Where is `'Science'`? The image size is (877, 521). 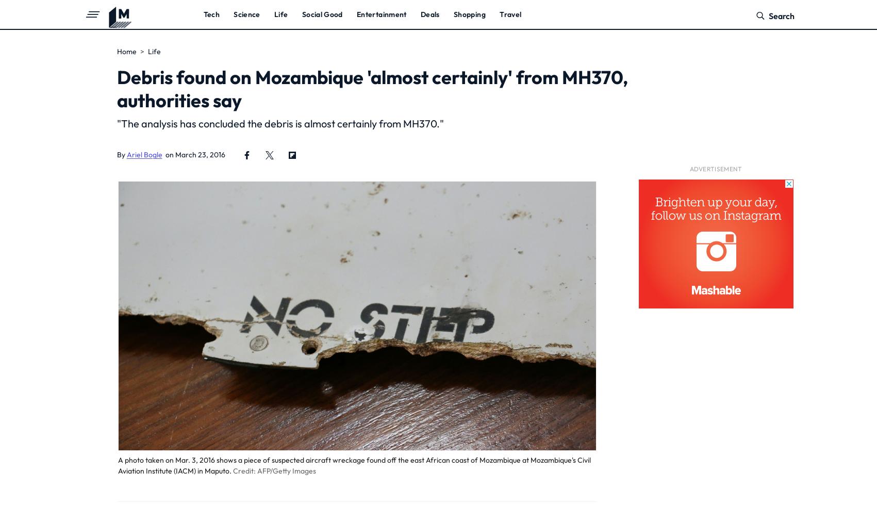
'Science' is located at coordinates (246, 13).